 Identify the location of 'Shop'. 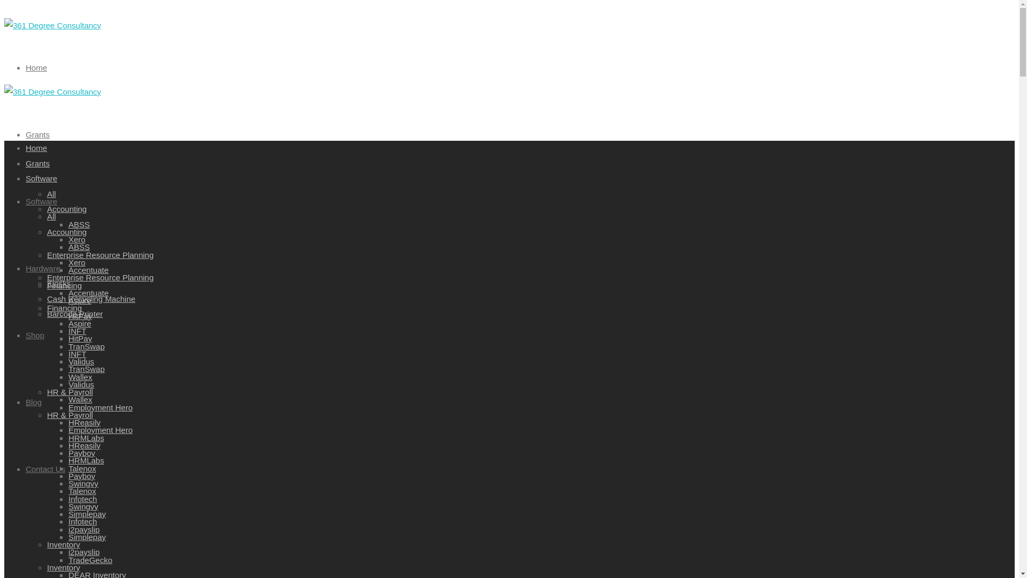
(35, 334).